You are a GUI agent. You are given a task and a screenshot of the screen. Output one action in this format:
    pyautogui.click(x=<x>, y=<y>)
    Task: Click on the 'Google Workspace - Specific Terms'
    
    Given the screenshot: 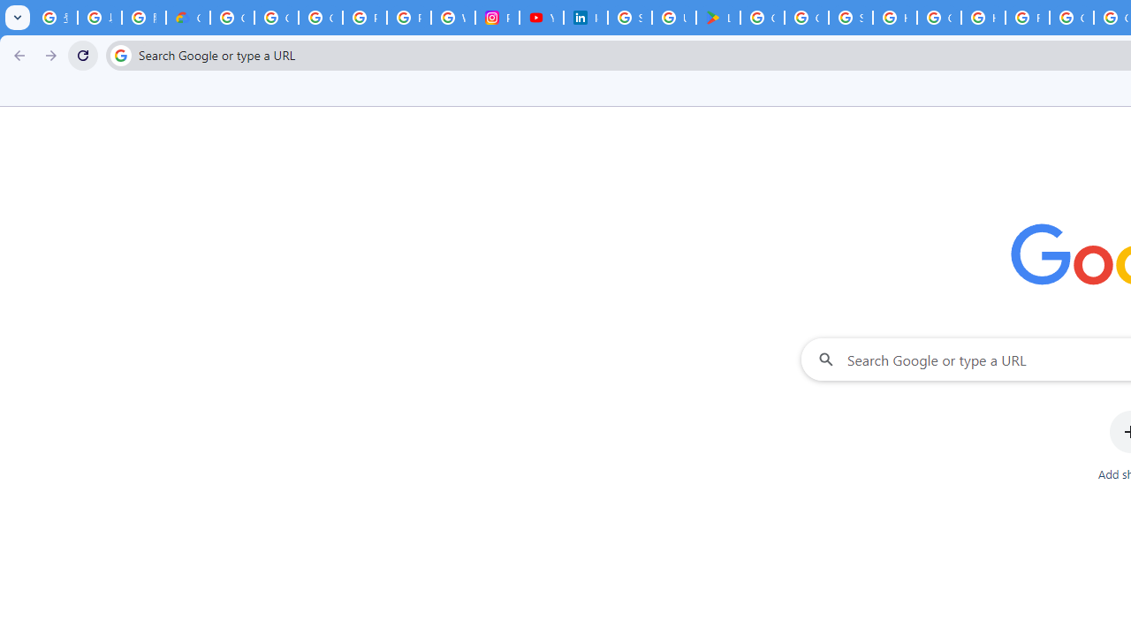 What is the action you would take?
    pyautogui.click(x=806, y=18)
    